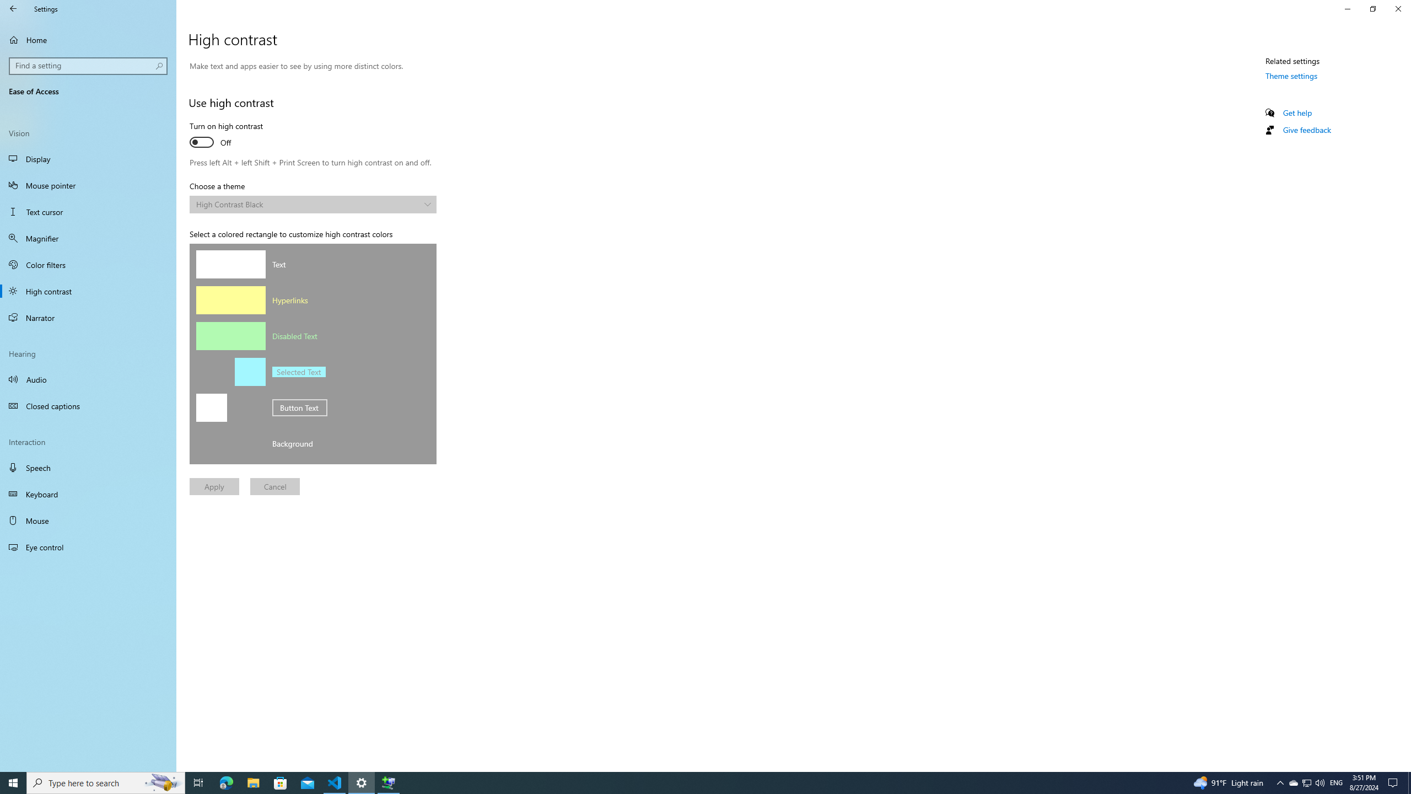 This screenshot has height=794, width=1411. What do you see at coordinates (1397, 8) in the screenshot?
I see `'Close Settings'` at bounding box center [1397, 8].